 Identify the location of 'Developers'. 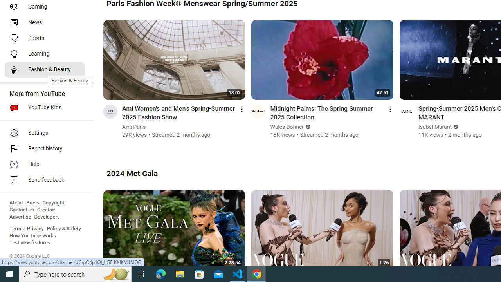
(47, 217).